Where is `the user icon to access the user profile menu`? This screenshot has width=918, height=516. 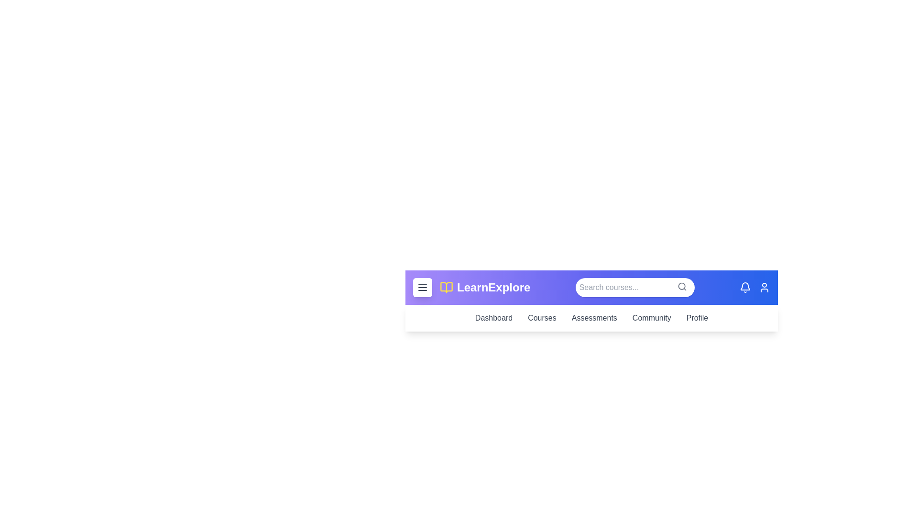 the user icon to access the user profile menu is located at coordinates (764, 287).